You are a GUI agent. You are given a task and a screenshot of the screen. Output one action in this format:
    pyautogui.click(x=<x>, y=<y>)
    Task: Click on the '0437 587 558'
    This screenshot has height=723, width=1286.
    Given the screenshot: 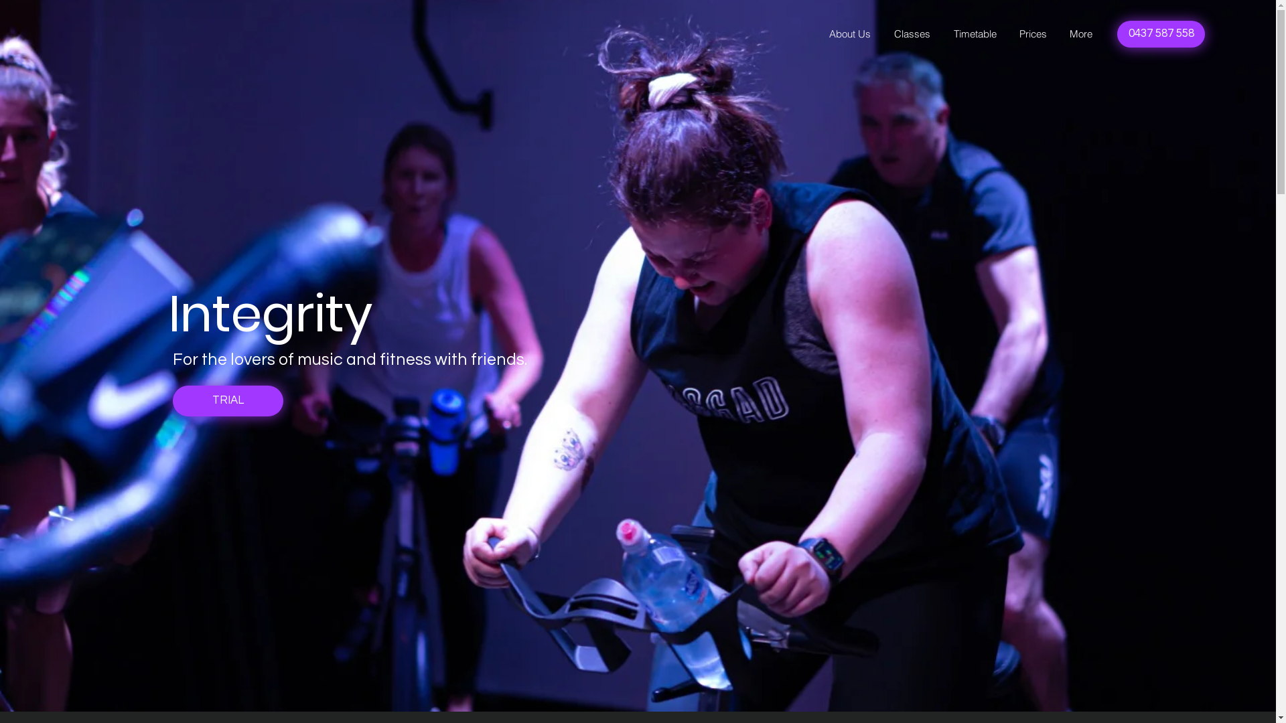 What is the action you would take?
    pyautogui.click(x=1160, y=33)
    